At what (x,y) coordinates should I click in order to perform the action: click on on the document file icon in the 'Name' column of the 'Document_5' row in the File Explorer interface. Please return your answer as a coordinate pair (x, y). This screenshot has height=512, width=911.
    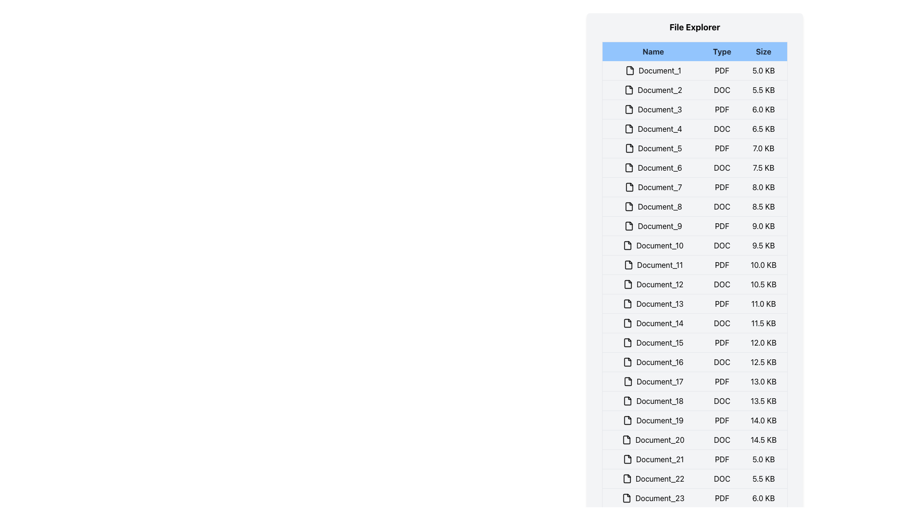
    Looking at the image, I should click on (629, 148).